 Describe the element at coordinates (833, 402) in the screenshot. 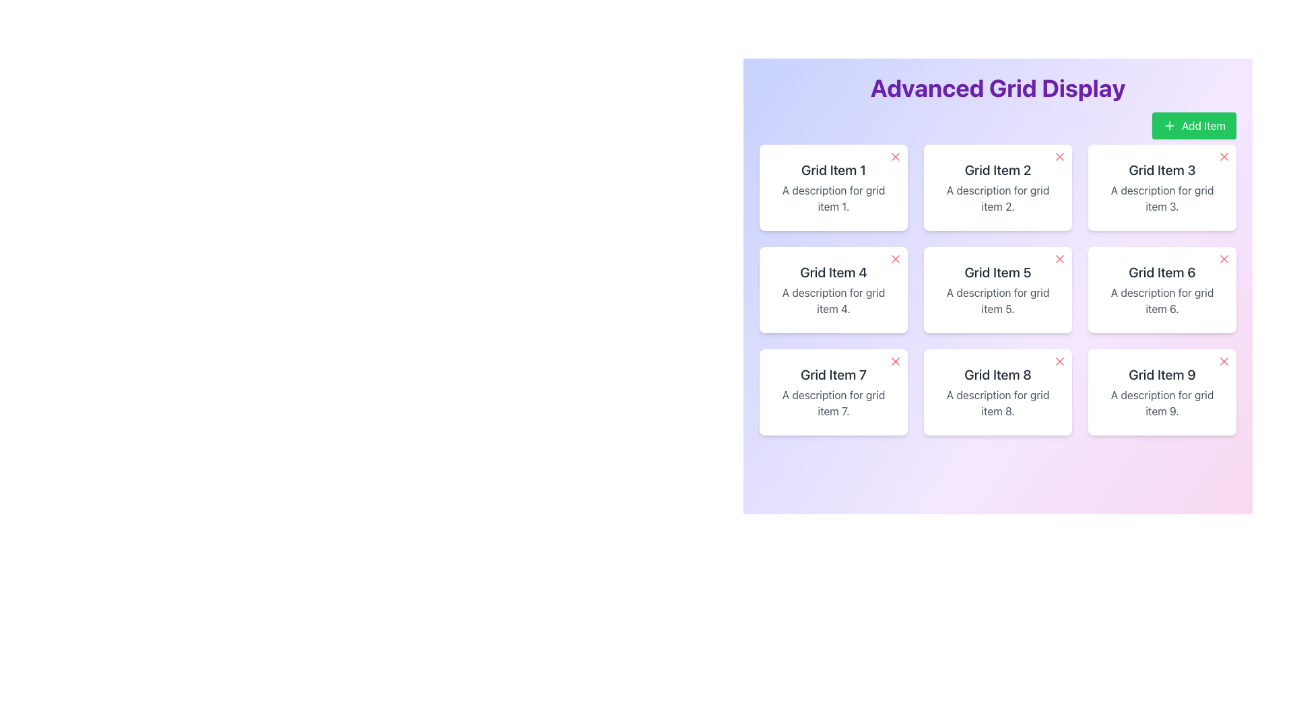

I see `the Text Label displaying 'A description for grid item 7.' located below the title 'Grid Item 7'` at that location.